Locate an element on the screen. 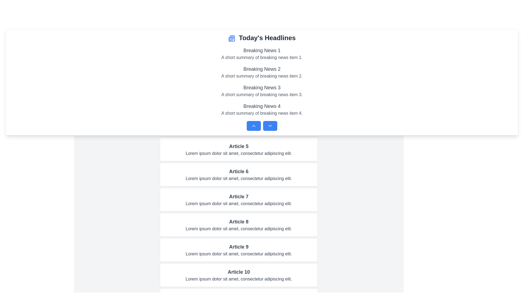 This screenshot has width=524, height=295. the text content block reading 'Lorem ipsum dolor sit amet, consectetur adipiscing elit.' which is located directly below the primary header 'Article 8' is located at coordinates (239, 229).